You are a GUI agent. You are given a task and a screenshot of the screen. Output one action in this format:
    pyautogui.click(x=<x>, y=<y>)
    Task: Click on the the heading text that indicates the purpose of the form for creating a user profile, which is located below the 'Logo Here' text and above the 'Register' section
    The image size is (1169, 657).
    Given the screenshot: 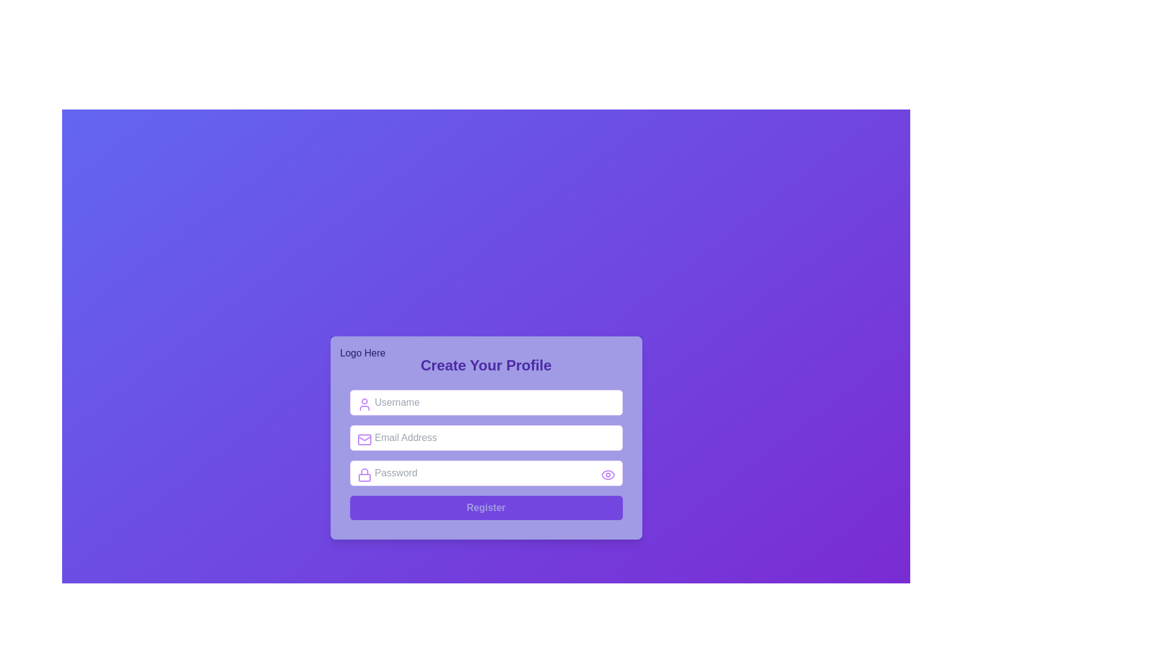 What is the action you would take?
    pyautogui.click(x=485, y=365)
    